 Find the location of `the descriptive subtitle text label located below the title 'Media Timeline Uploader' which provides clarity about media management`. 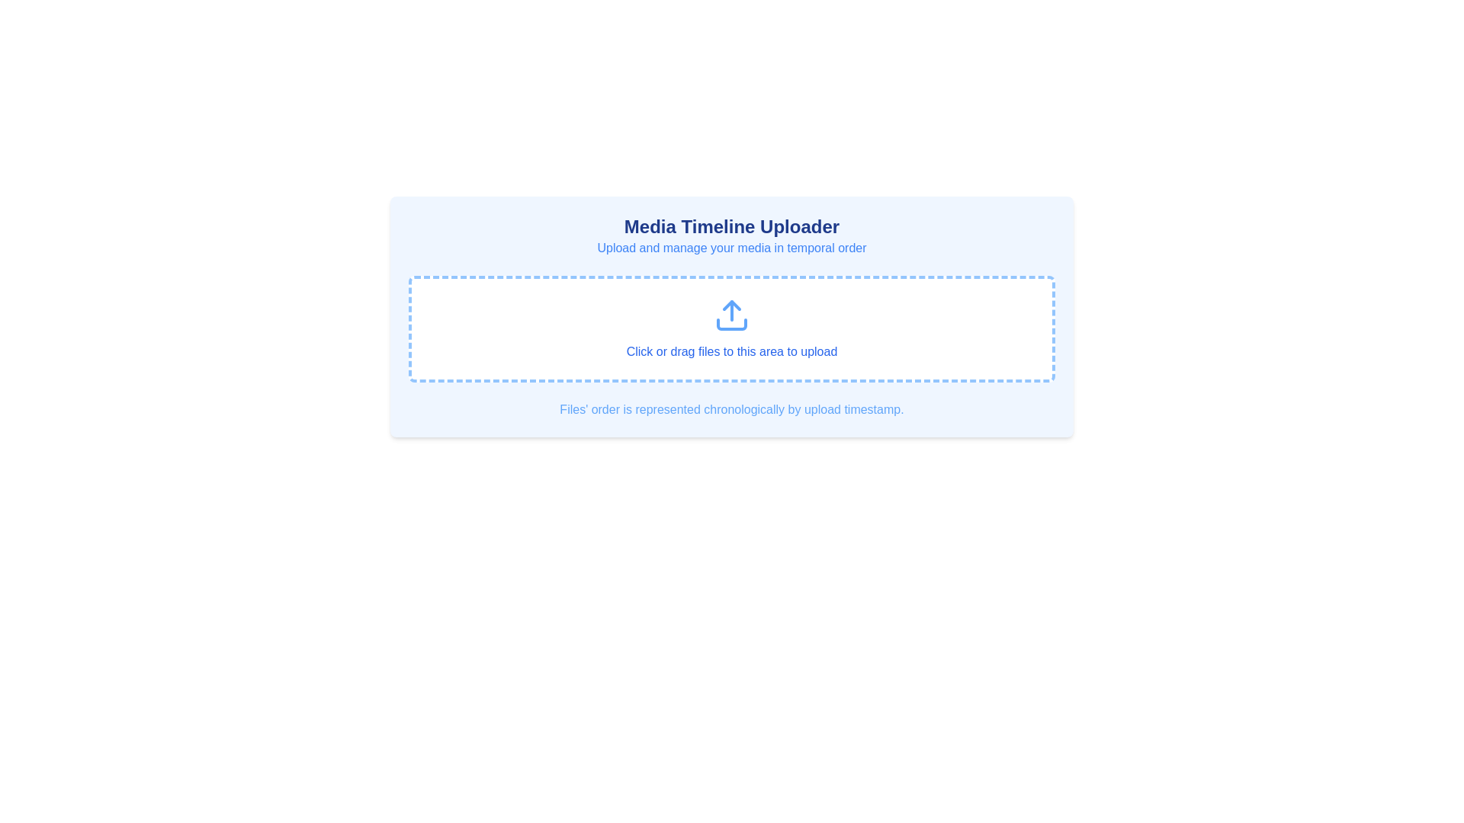

the descriptive subtitle text label located below the title 'Media Timeline Uploader' which provides clarity about media management is located at coordinates (732, 248).